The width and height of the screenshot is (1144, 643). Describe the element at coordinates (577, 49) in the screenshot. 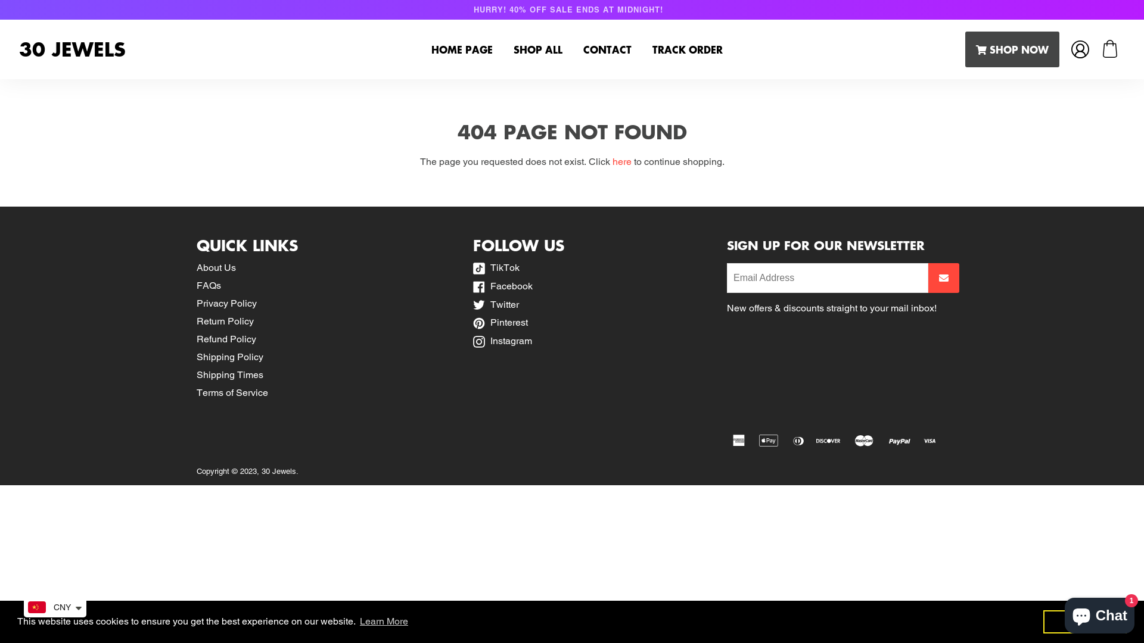

I see `'CONTACT'` at that location.